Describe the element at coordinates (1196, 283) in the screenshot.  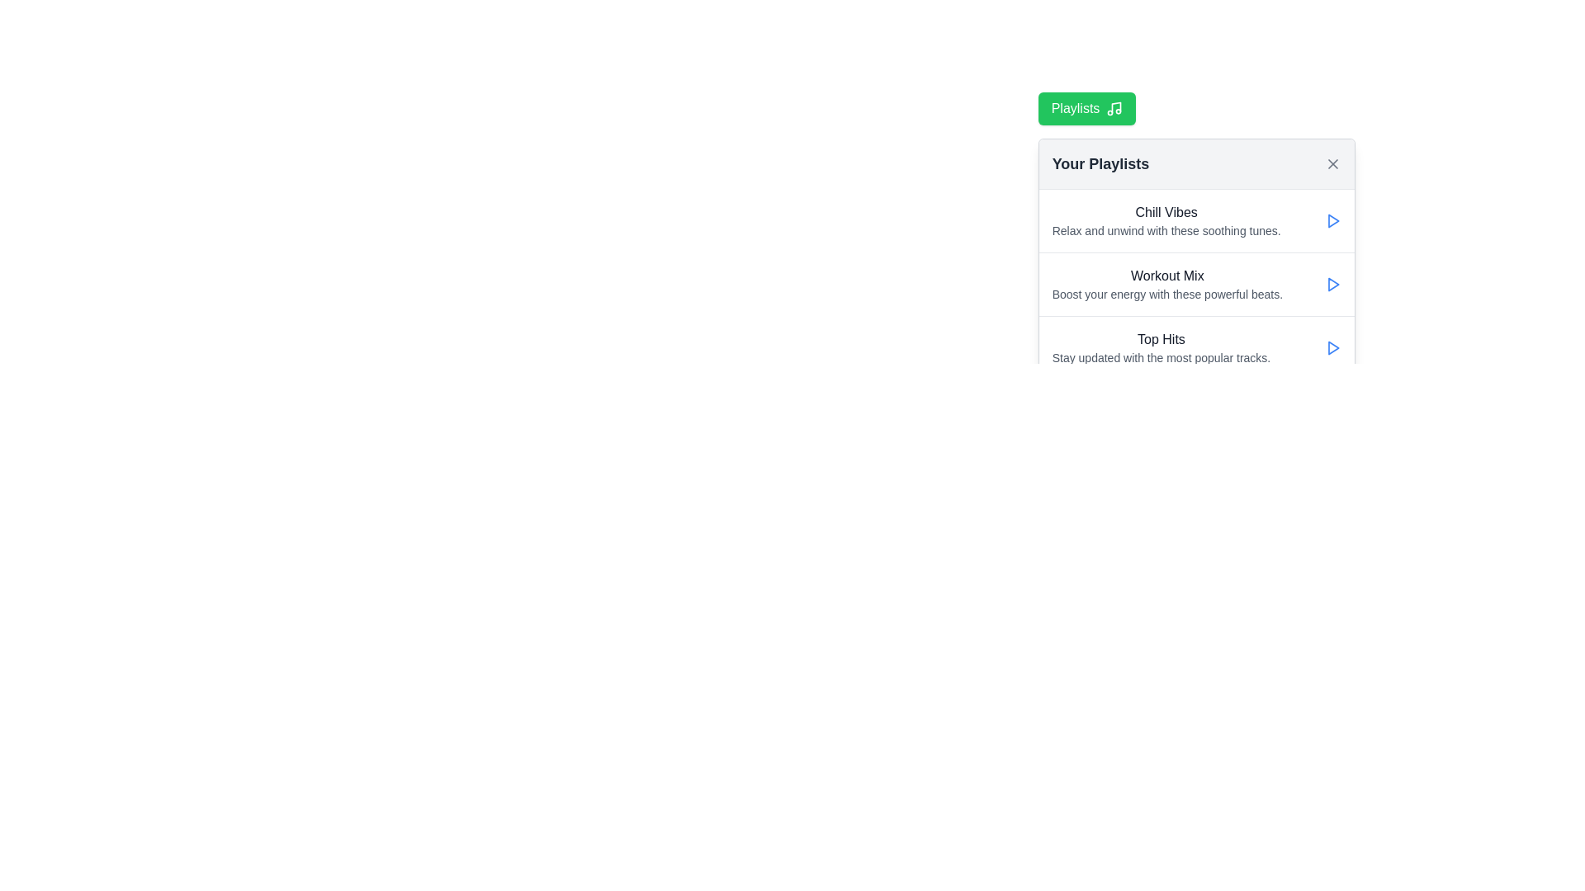
I see `the second list item in the 'Your Playlists' section titled 'Workout Mix'` at that location.